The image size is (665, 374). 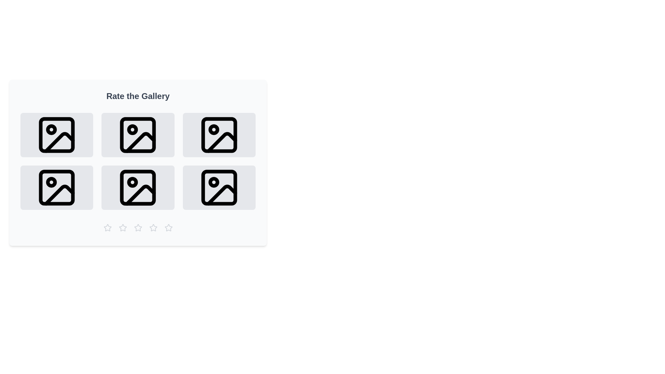 What do you see at coordinates (168, 228) in the screenshot?
I see `the gallery rating to 5 stars by clicking the corresponding star` at bounding box center [168, 228].